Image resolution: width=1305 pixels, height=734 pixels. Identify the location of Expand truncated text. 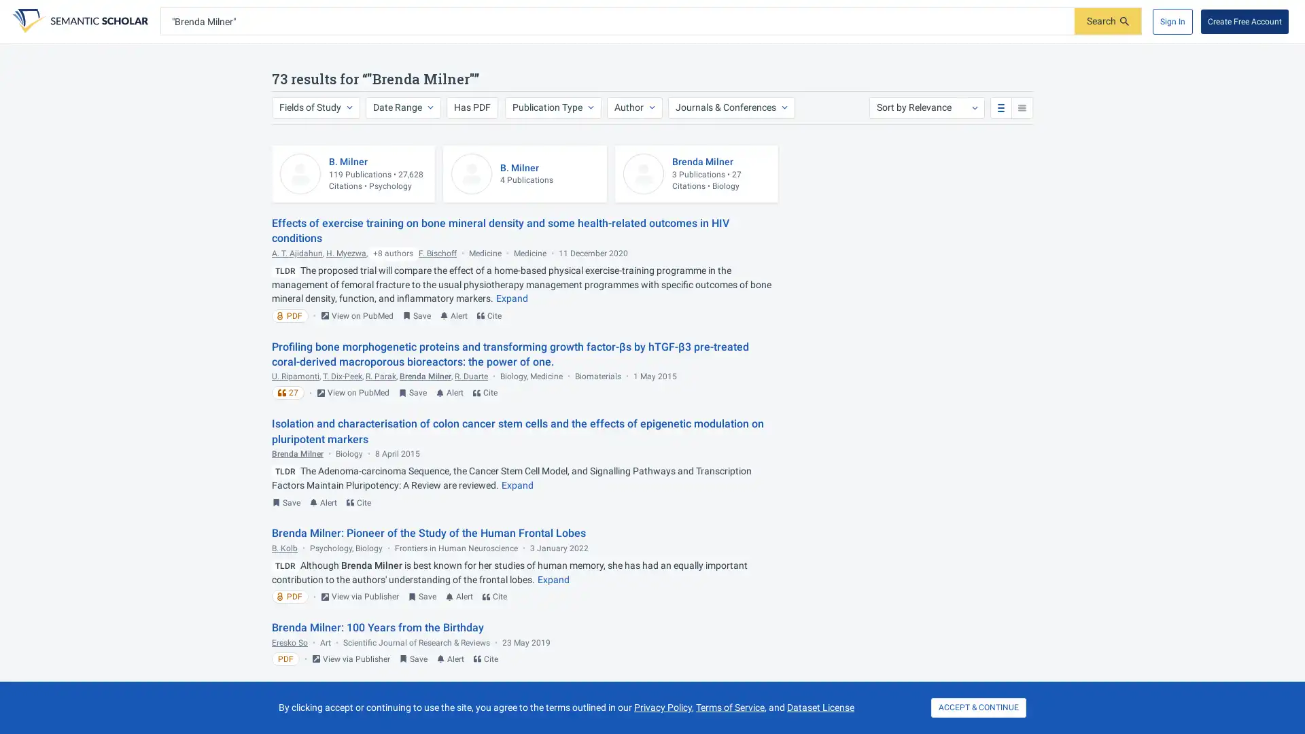
(553, 579).